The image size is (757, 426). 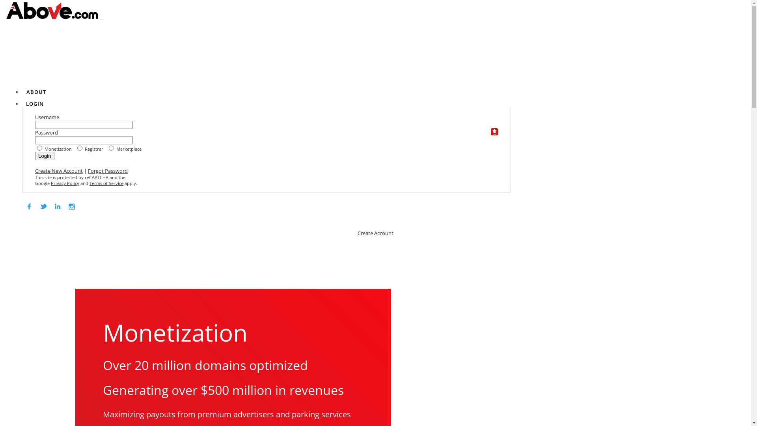 I want to click on 'Marketplace', so click(x=347, y=203).